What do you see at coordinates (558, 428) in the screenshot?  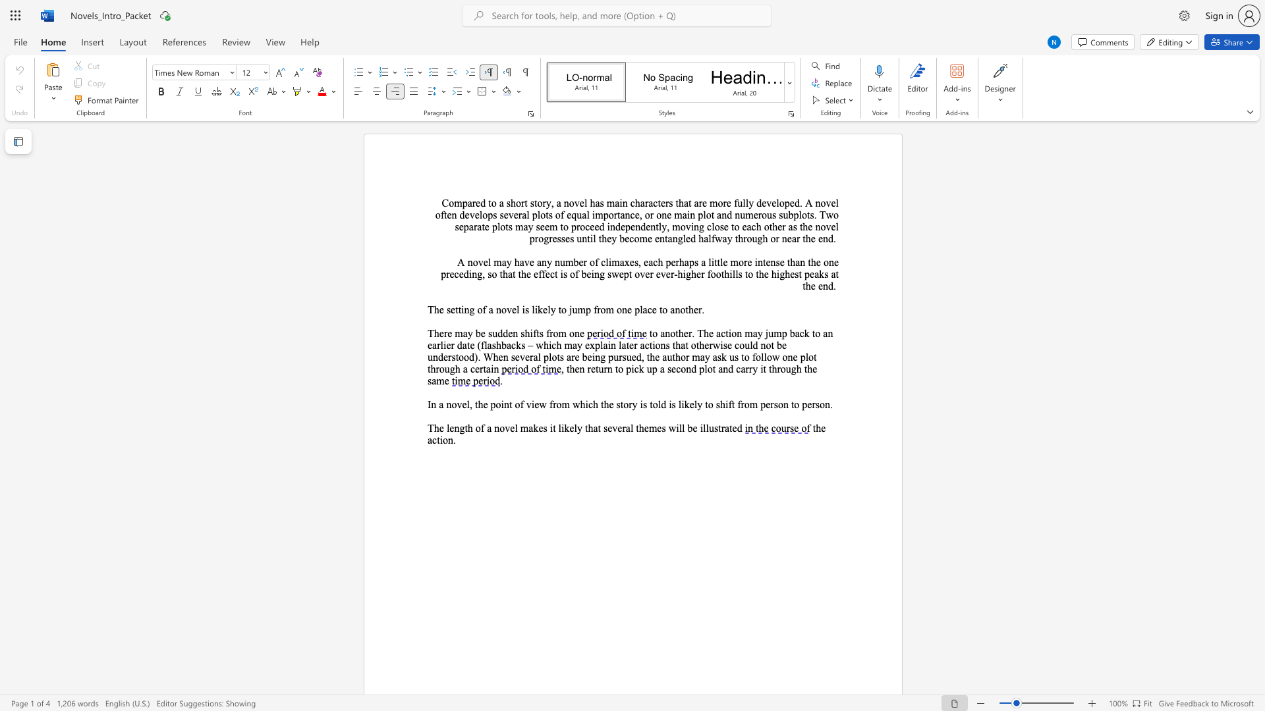 I see `the subset text "likely that sev" within the text "The length of a novel makes it likely that several themes will be illustrated"` at bounding box center [558, 428].